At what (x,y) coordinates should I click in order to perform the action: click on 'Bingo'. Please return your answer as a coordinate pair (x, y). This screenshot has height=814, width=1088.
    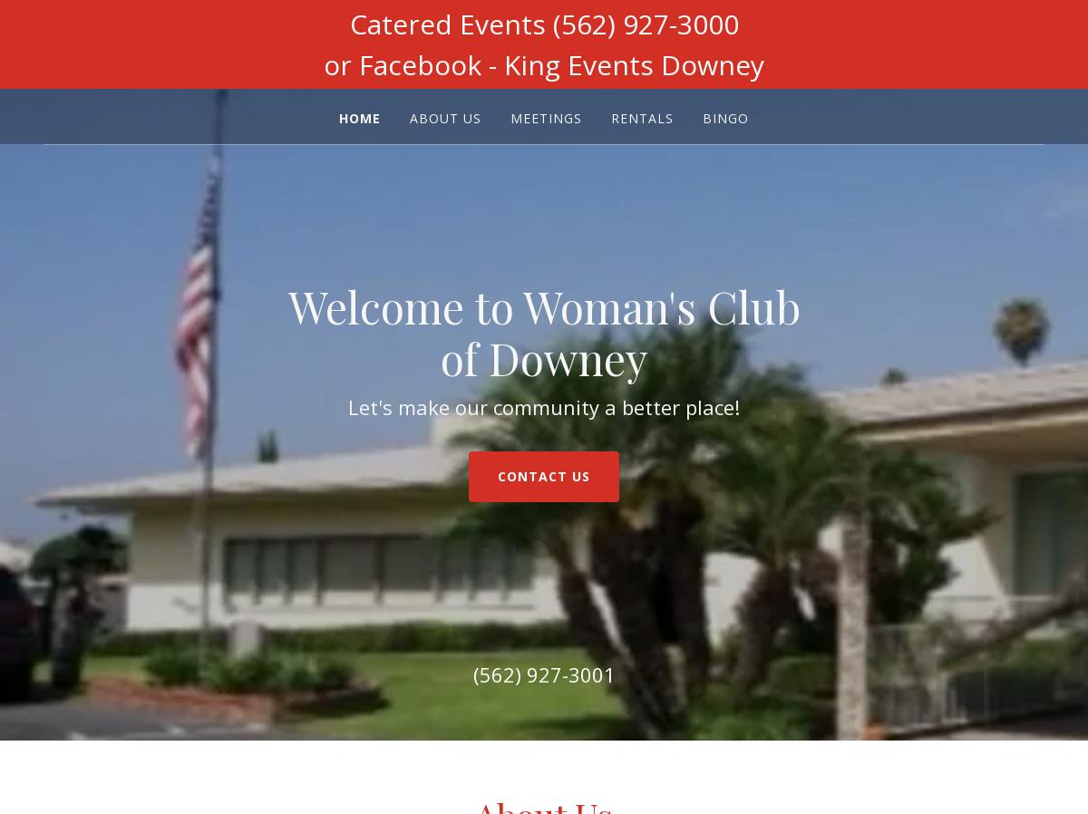
    Looking at the image, I should click on (701, 117).